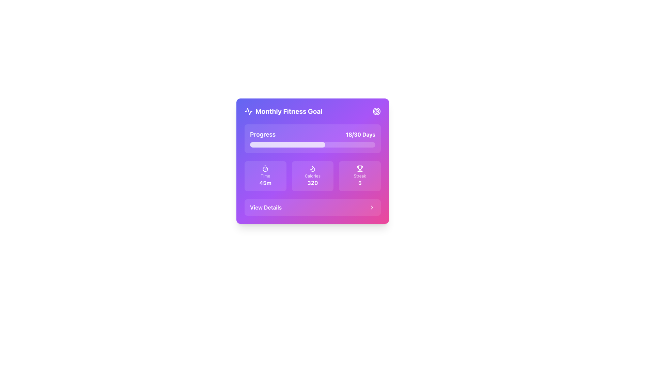 The height and width of the screenshot is (368, 654). What do you see at coordinates (376, 111) in the screenshot?
I see `the decorative graphic, which is the outer circle of the dartboard icon located in the top-right corner of the 'Monthly Fitness Goal' widget` at bounding box center [376, 111].